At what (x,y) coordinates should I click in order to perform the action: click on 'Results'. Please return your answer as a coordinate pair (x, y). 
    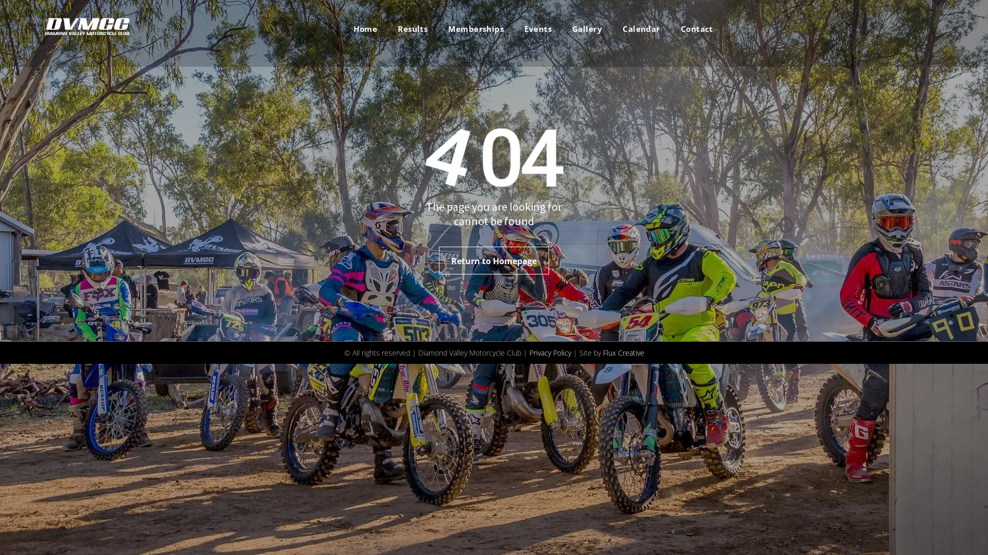
    Looking at the image, I should click on (412, 28).